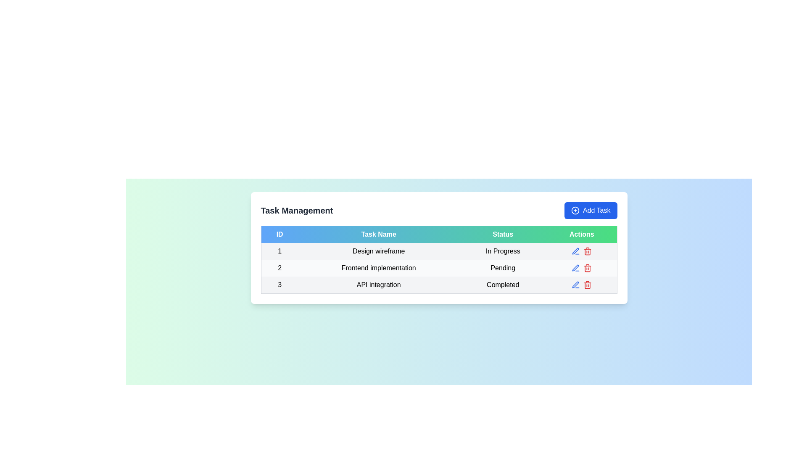  I want to click on the pen icon represented as a vector graphic within the 'Actions' column of the task management table, so click(575, 251).